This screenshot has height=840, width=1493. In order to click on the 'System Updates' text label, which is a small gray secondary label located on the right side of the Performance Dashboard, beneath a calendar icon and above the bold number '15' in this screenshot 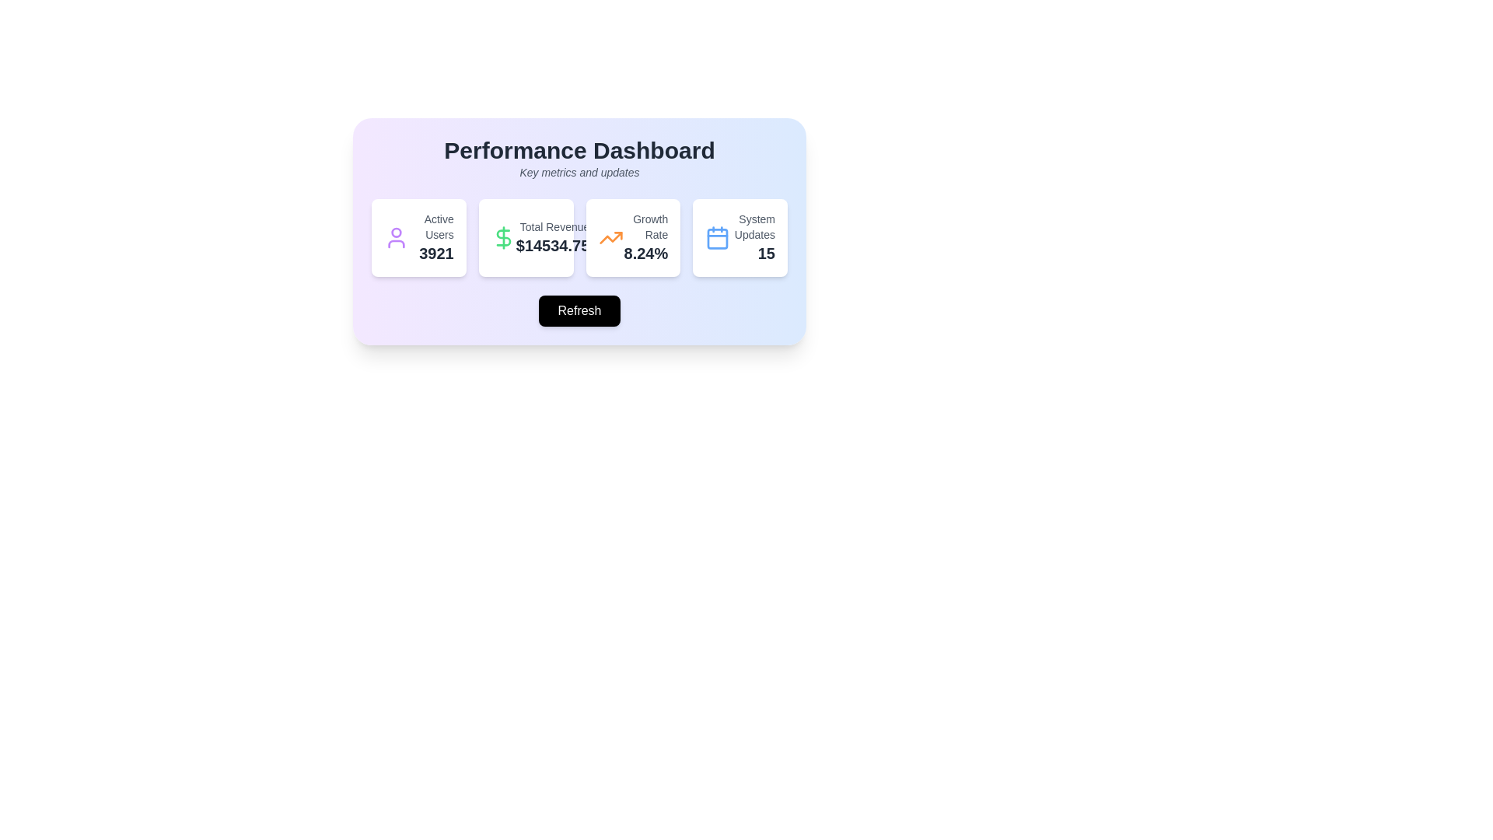, I will do `click(753, 227)`.